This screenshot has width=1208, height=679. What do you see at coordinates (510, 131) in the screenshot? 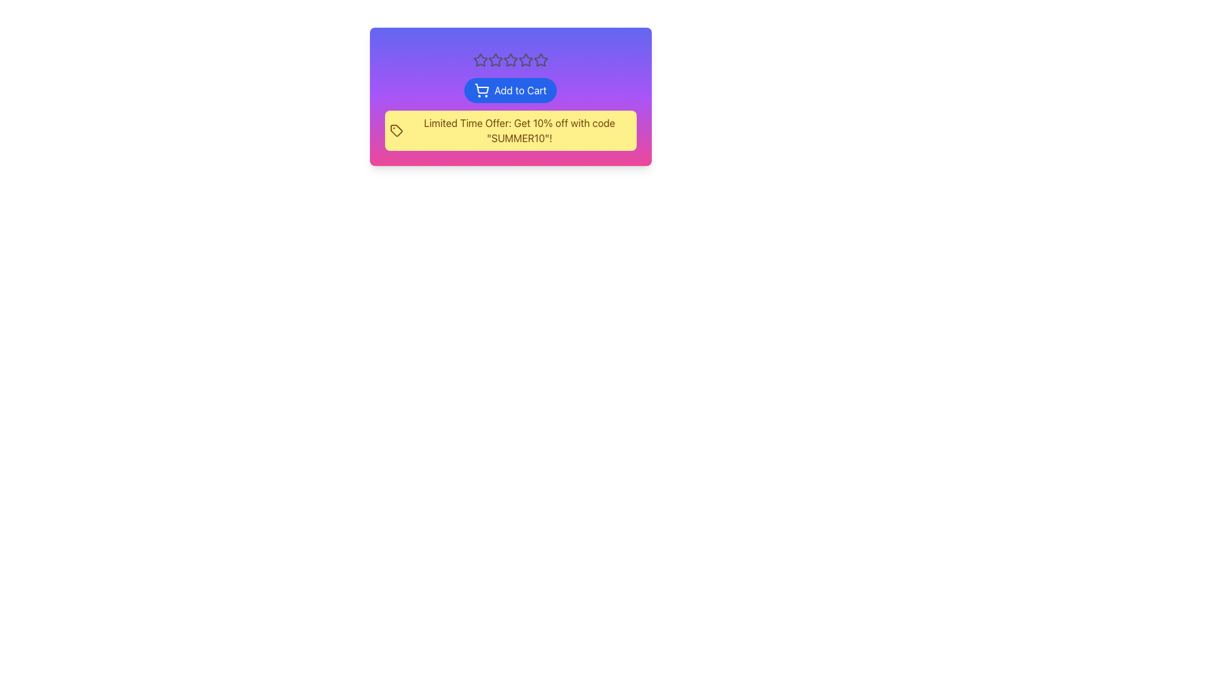
I see `the notification banner with a yellow background and text reading 'Limited Time Offer: Get 10% off with code "SUMMER10"!' positioned below the 'Add to Cart' button` at bounding box center [510, 131].